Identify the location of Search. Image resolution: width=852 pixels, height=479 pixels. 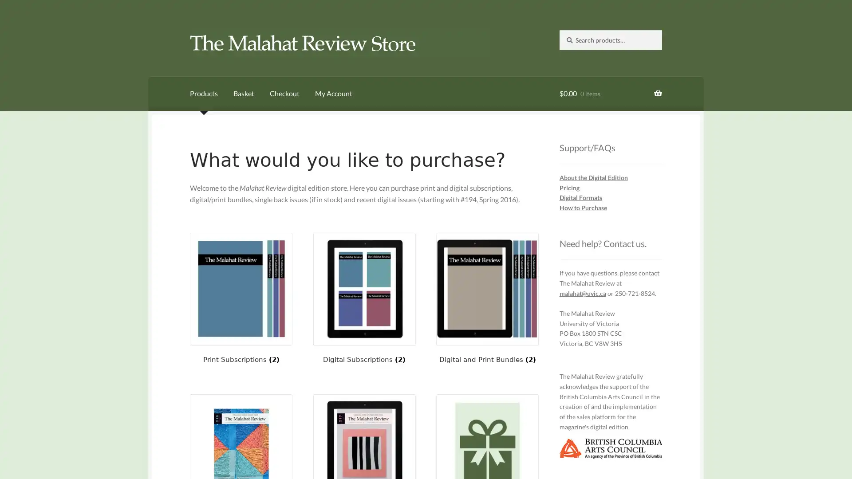
(558, 29).